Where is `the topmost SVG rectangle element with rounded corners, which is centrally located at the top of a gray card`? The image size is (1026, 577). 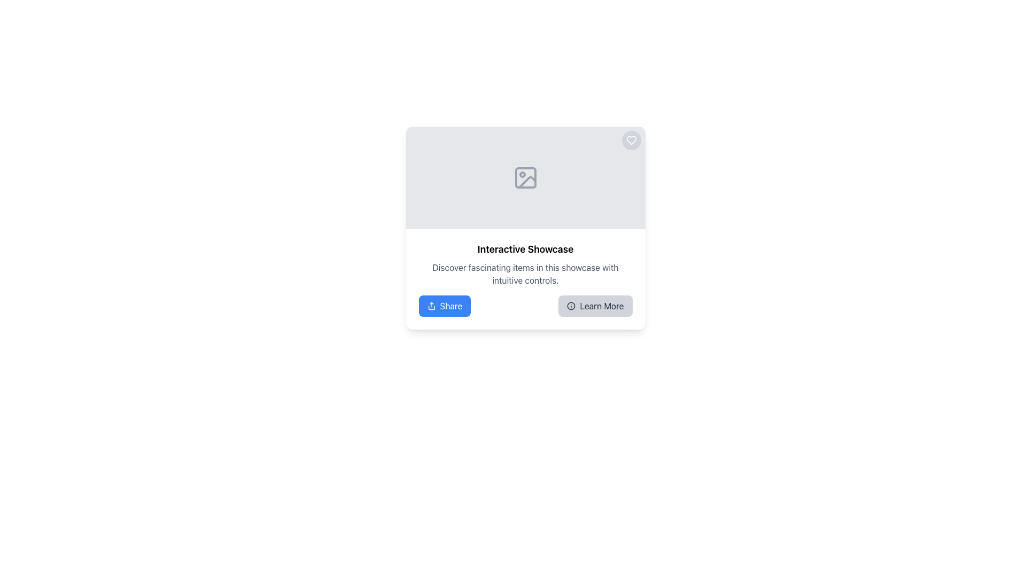 the topmost SVG rectangle element with rounded corners, which is centrally located at the top of a gray card is located at coordinates (525, 177).